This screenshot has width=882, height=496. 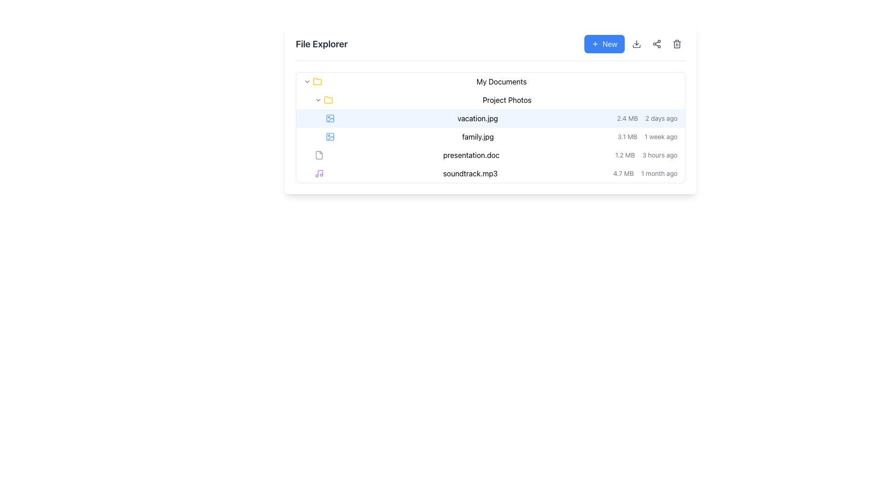 What do you see at coordinates (318, 100) in the screenshot?
I see `the downward-pointing chevron button next to the 'Project Photos' label` at bounding box center [318, 100].